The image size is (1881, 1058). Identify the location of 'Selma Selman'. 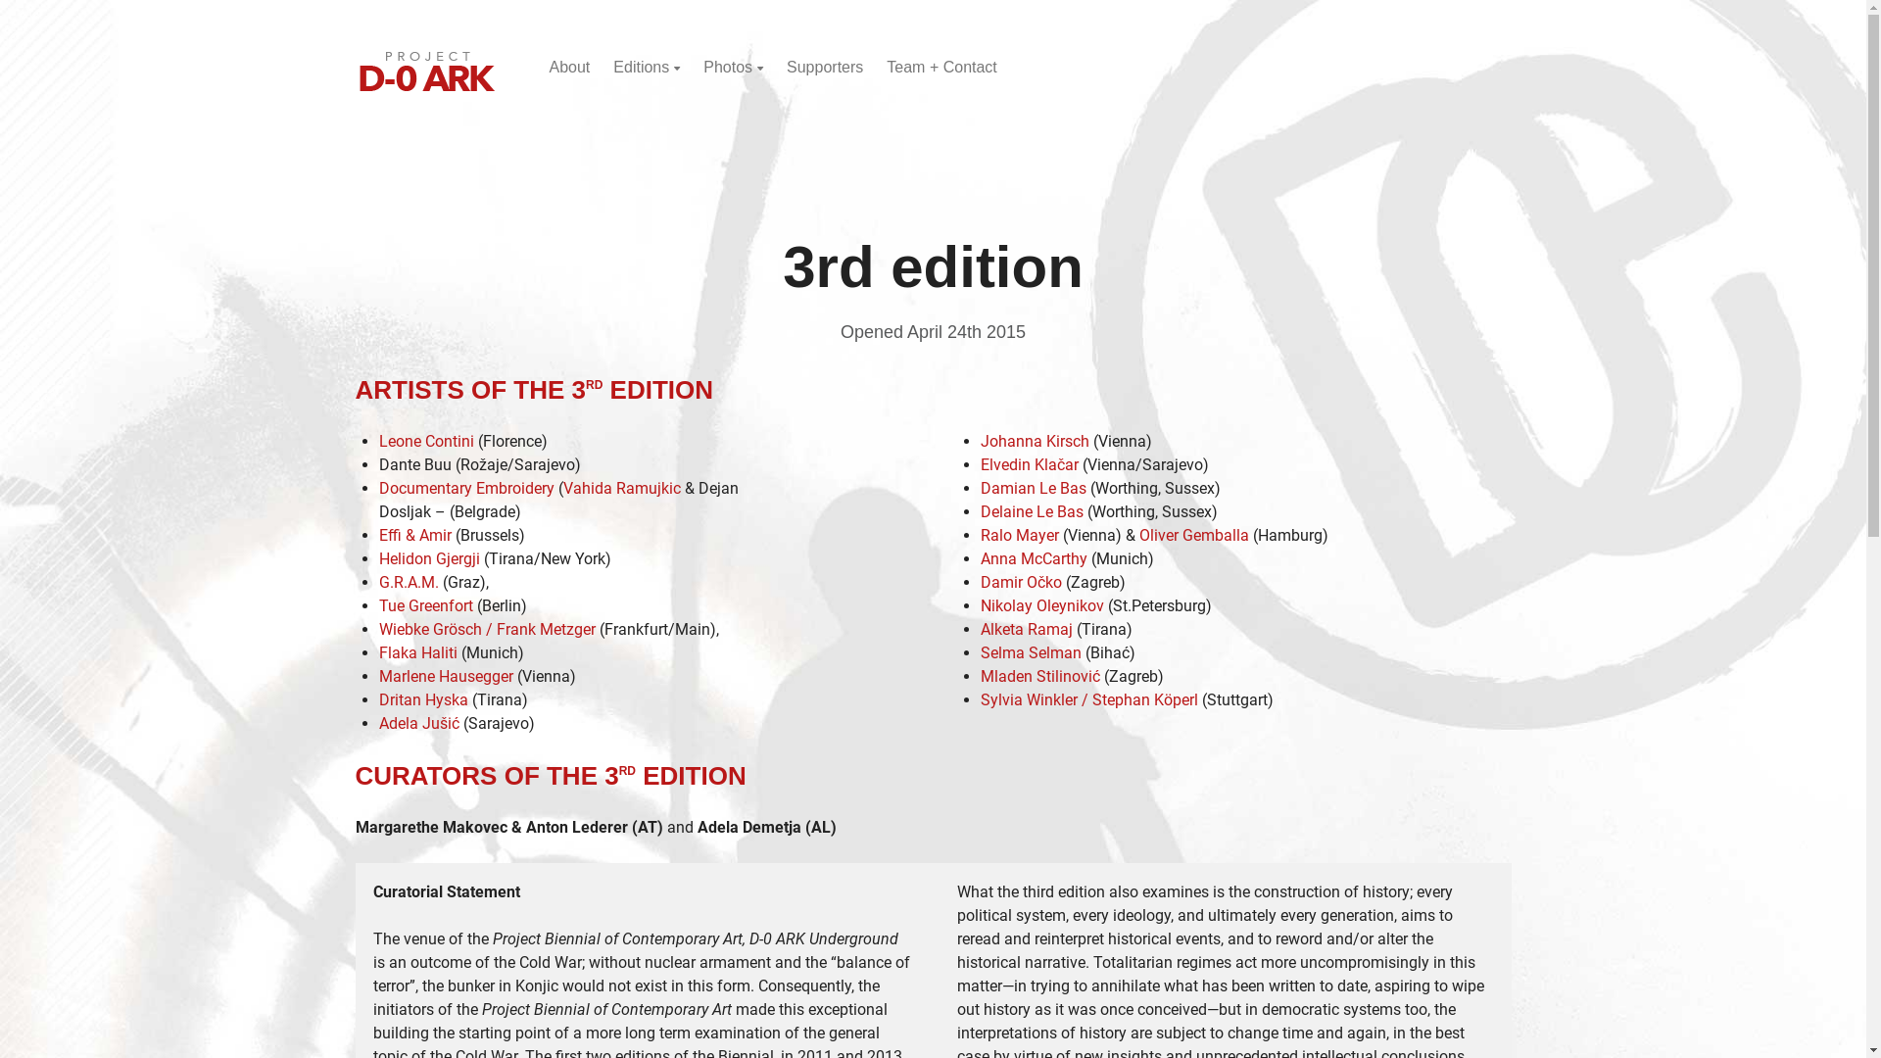
(979, 652).